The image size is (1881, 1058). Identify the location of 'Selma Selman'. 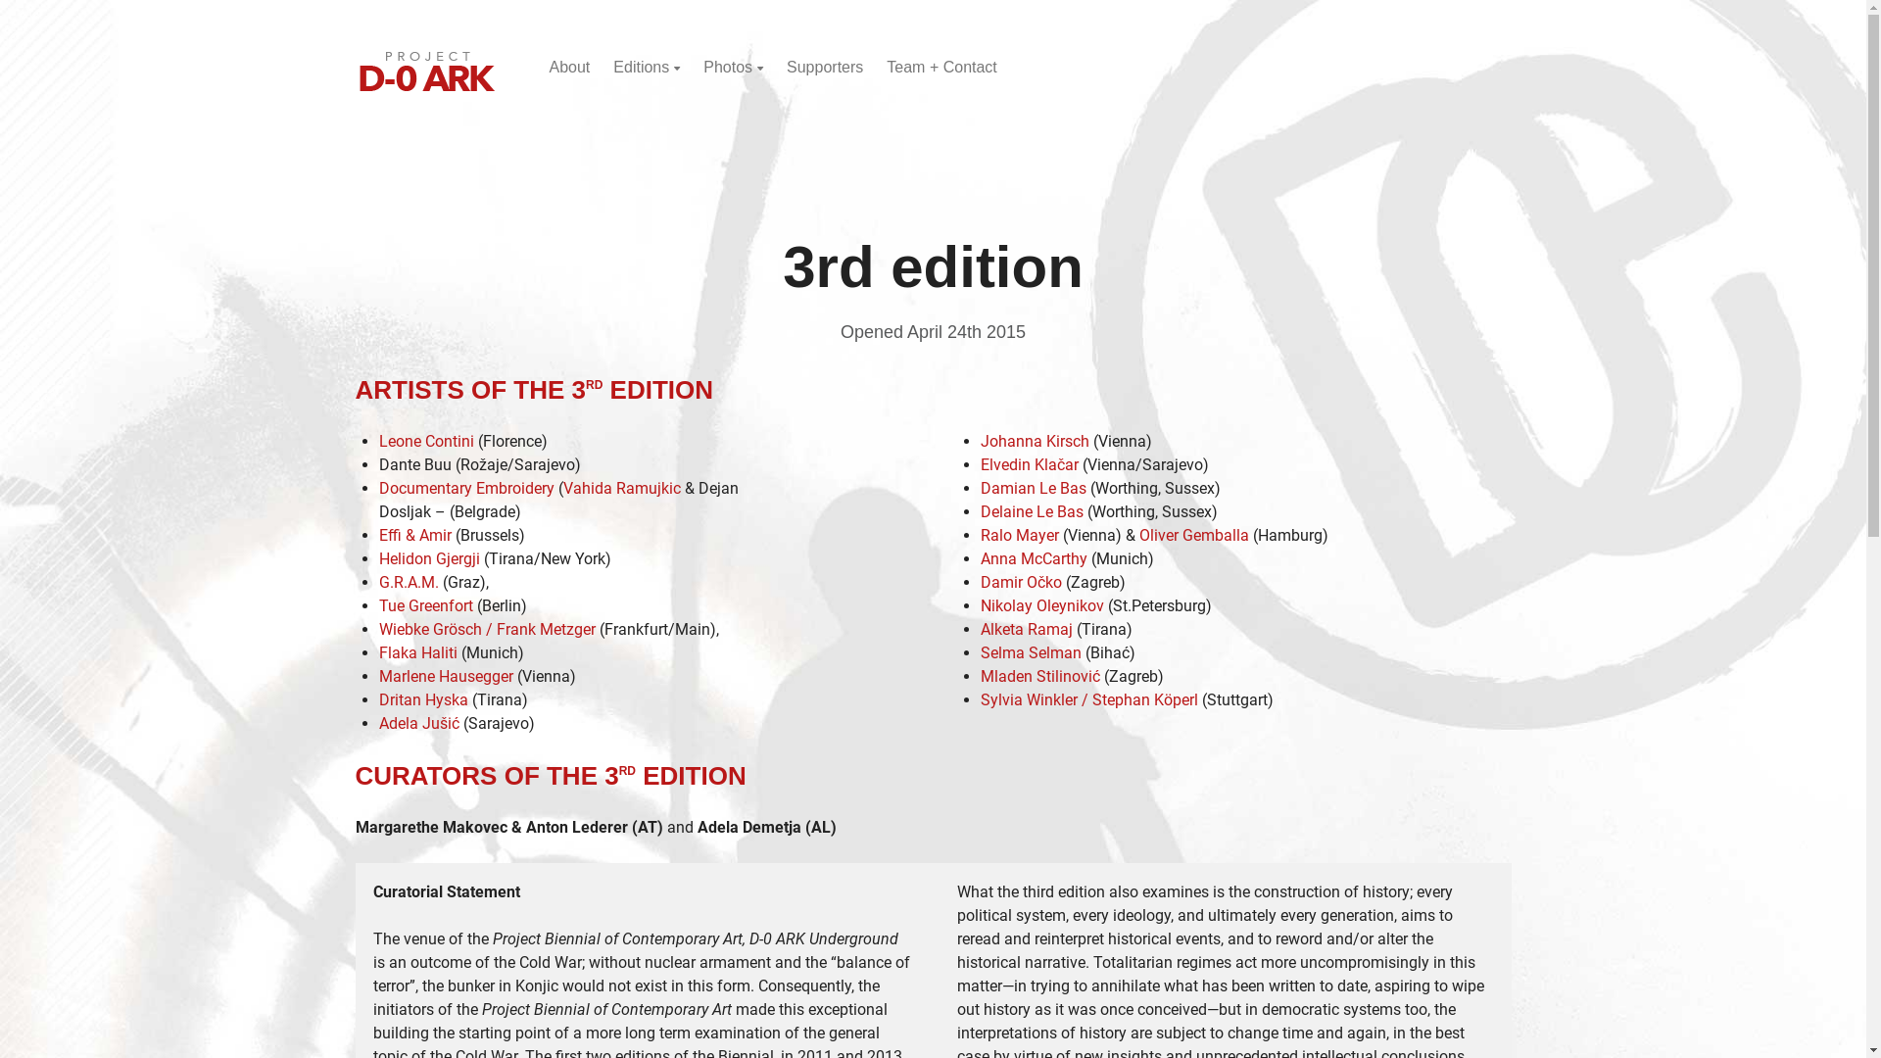
(979, 652).